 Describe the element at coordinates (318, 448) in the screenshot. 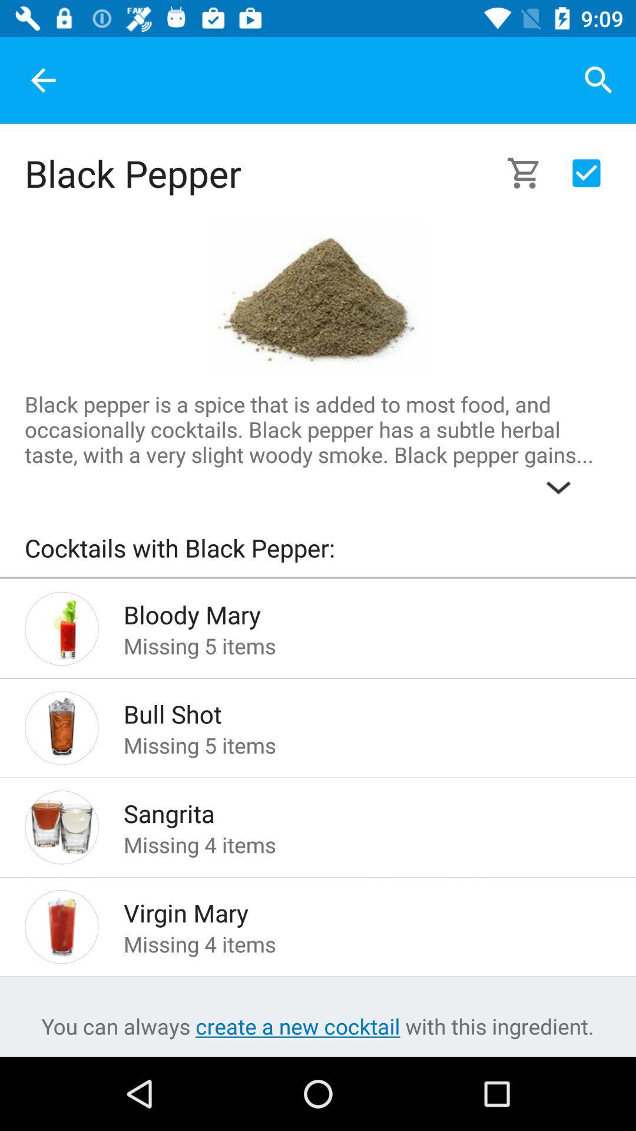

I see `text below the black pepper image` at that location.